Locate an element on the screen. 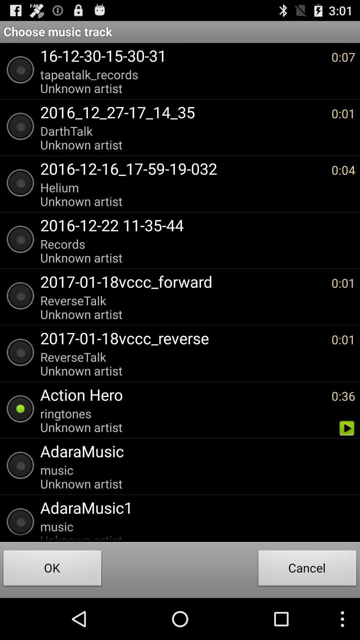 Image resolution: width=360 pixels, height=640 pixels. the action hero app is located at coordinates (182, 394).